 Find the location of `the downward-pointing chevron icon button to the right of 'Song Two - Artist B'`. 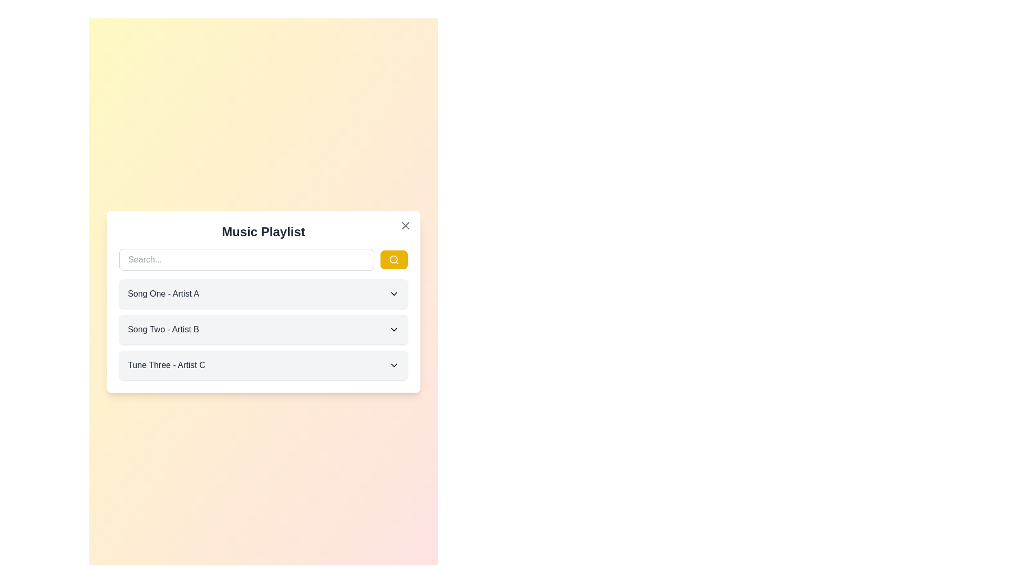

the downward-pointing chevron icon button to the right of 'Song Two - Artist B' is located at coordinates (393, 329).